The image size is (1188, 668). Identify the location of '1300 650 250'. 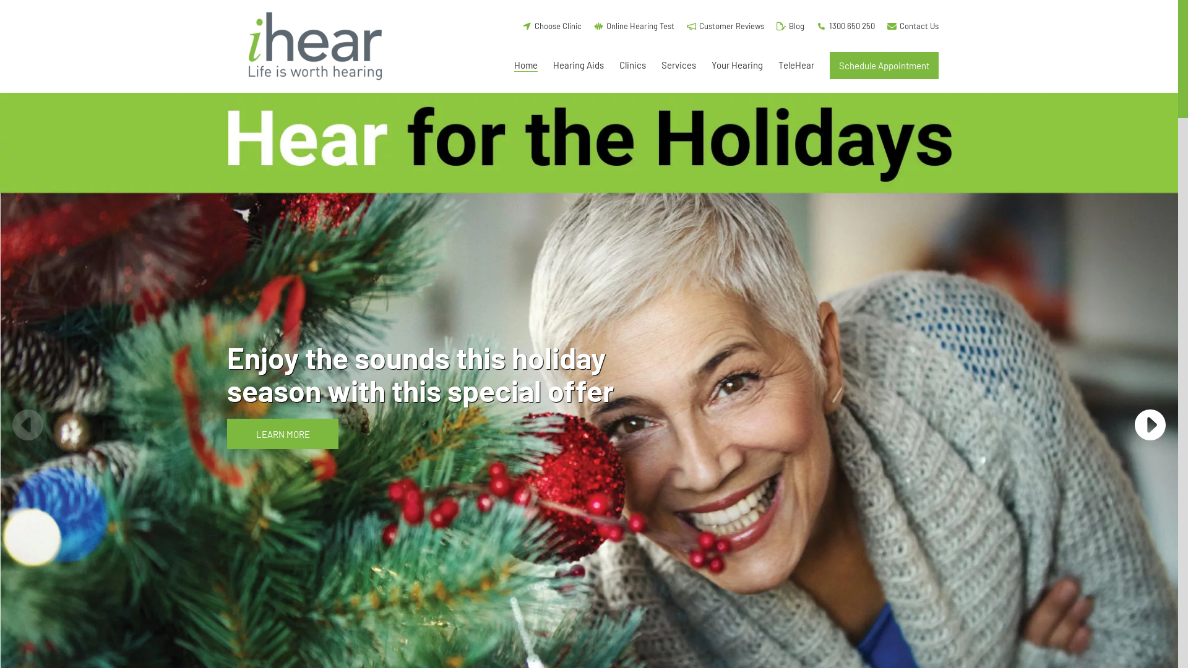
(845, 25).